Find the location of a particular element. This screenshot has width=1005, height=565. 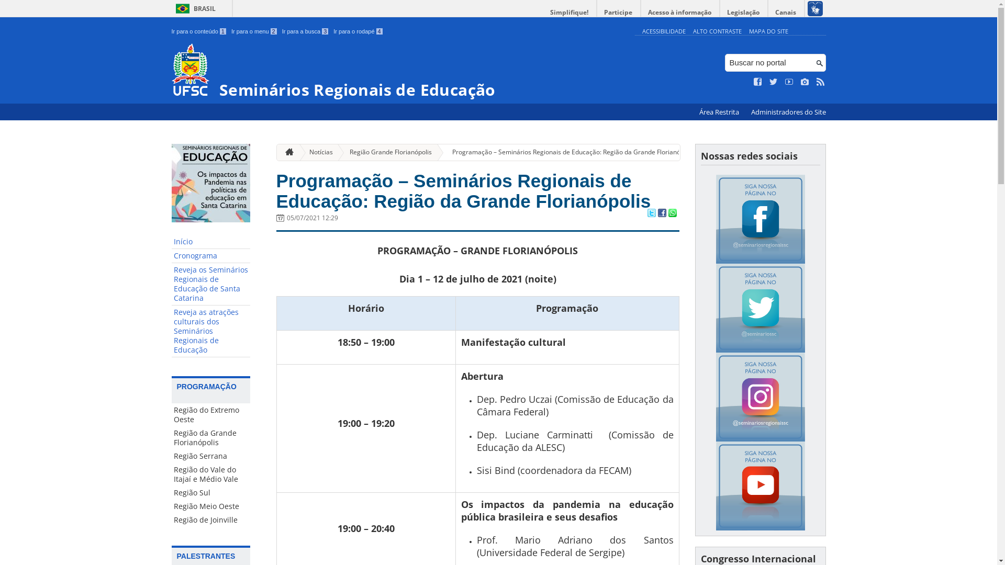

'Ir para o menu 2' is located at coordinates (254, 31).